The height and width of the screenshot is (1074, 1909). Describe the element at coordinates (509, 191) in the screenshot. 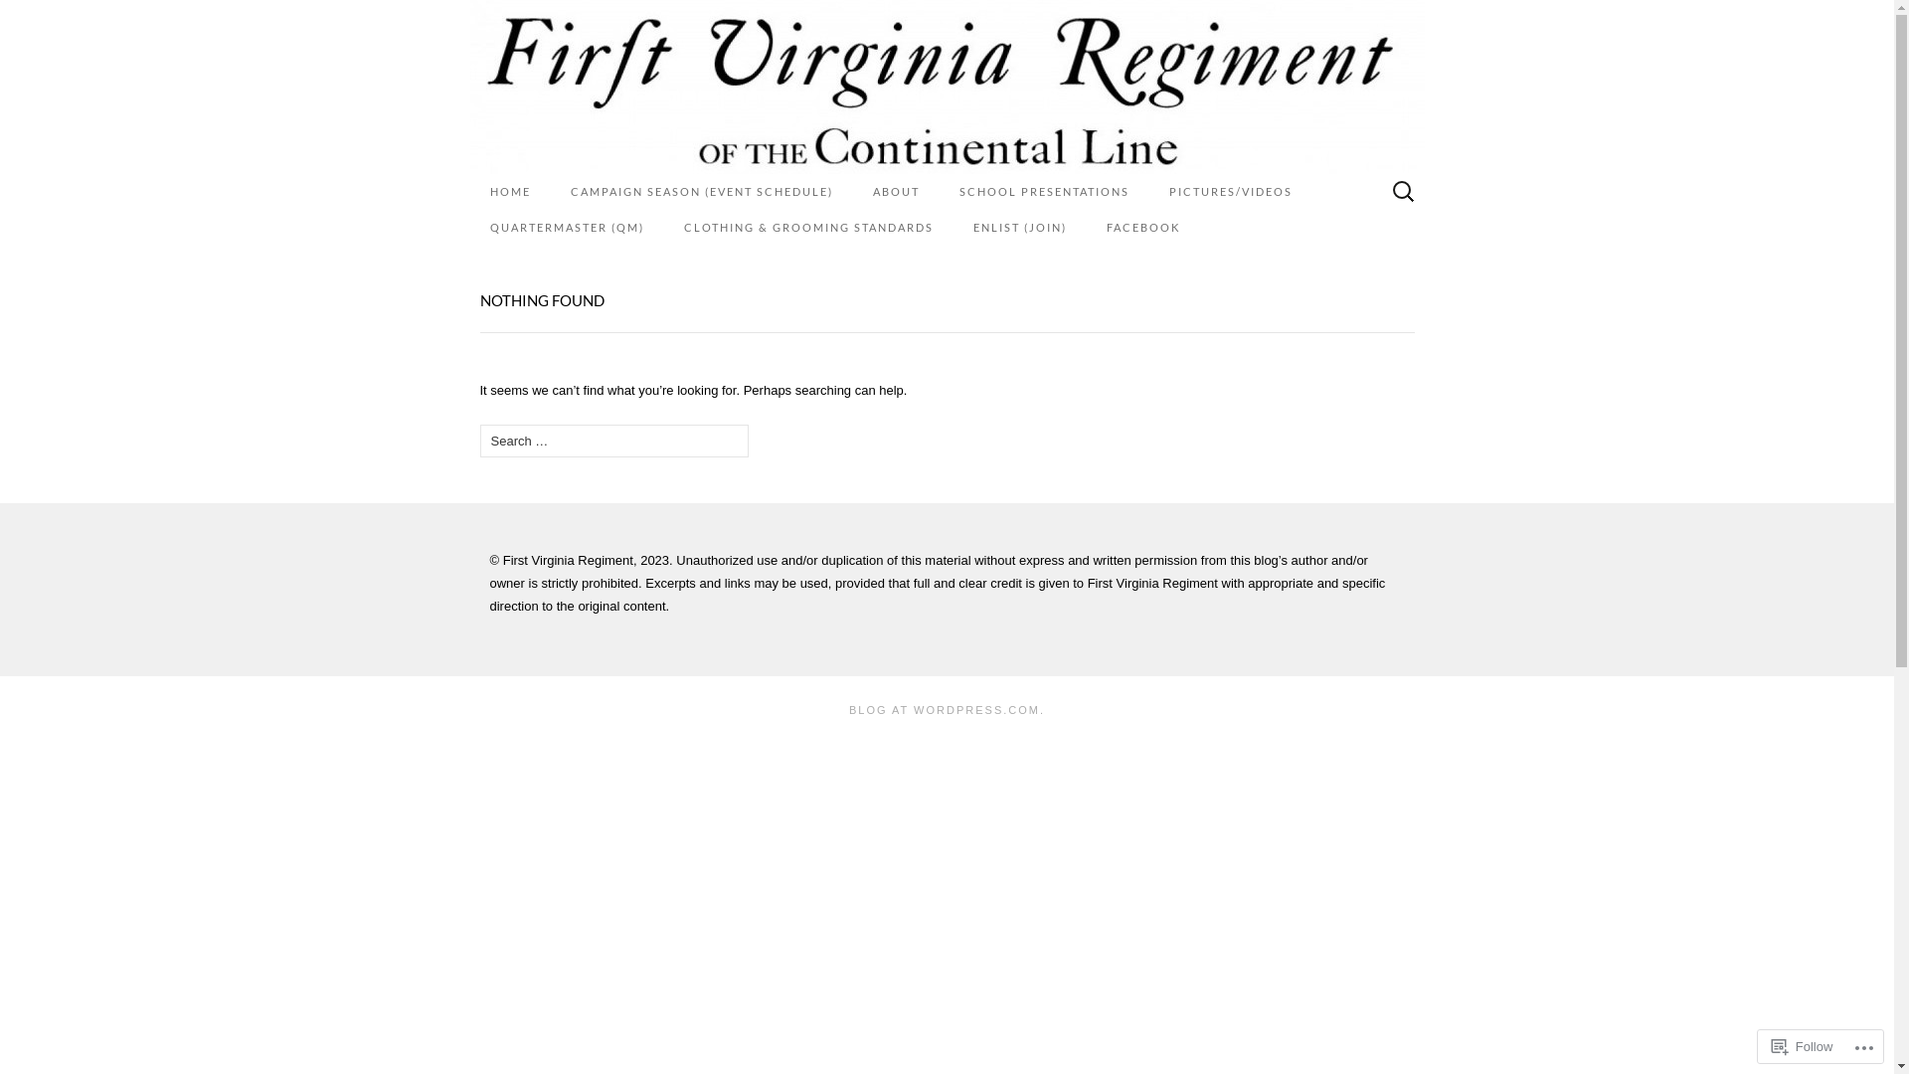

I see `'HOME'` at that location.